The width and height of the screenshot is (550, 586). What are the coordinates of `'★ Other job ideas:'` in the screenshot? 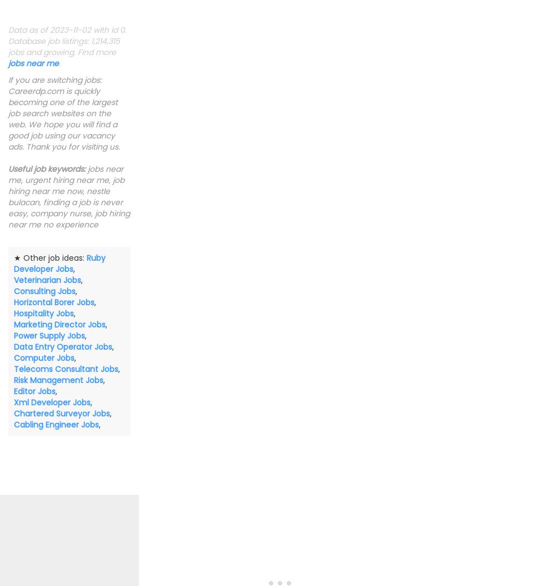 It's located at (50, 257).